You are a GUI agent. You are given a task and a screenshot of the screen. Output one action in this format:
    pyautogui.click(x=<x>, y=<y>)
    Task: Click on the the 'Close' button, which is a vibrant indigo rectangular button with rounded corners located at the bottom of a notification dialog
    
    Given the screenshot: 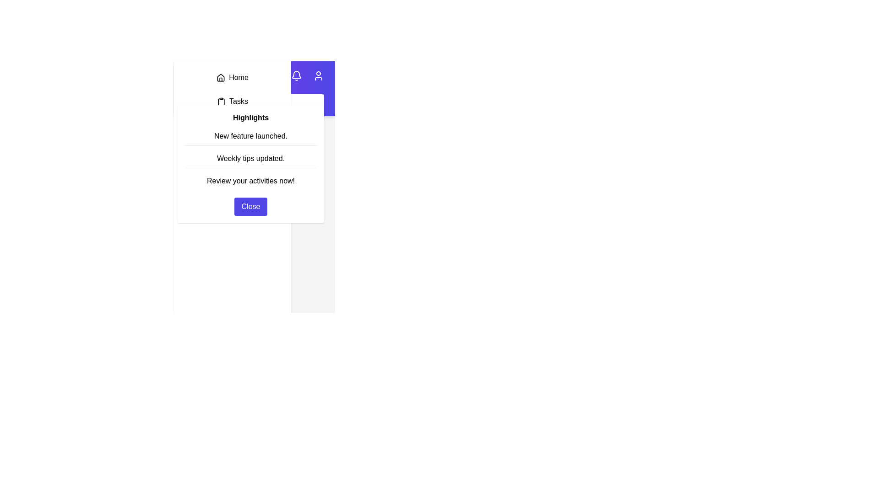 What is the action you would take?
    pyautogui.click(x=250, y=206)
    